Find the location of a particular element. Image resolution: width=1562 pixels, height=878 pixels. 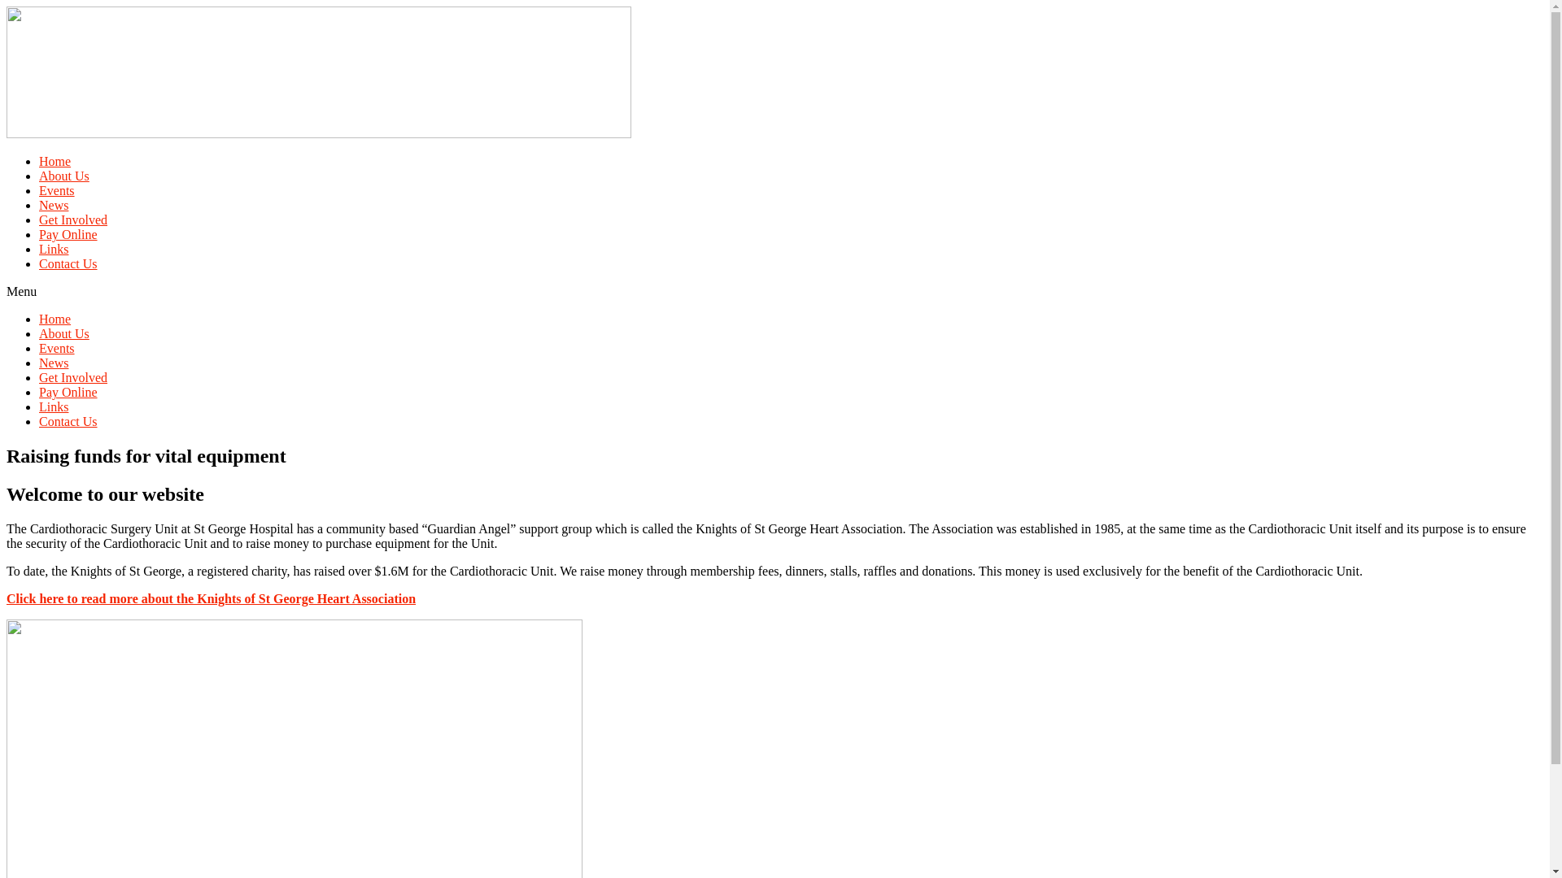

'Events' is located at coordinates (57, 189).